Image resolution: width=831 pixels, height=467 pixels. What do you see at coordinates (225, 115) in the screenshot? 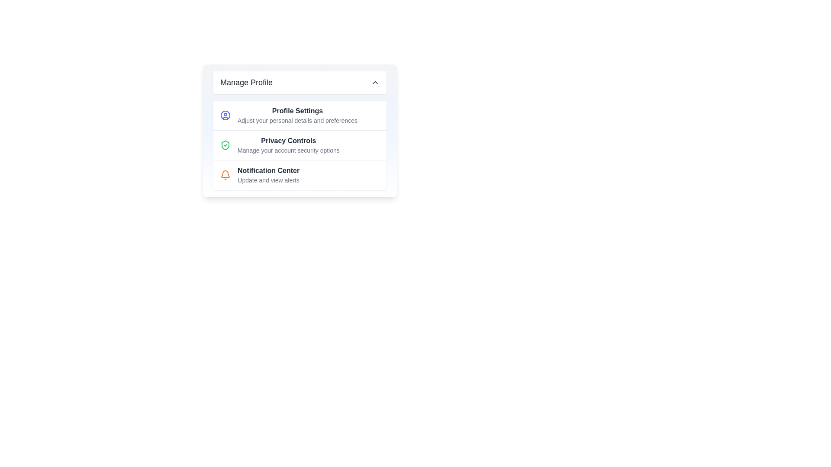
I see `the largest circular SVG element in the user profile icon, which is centered in the SVG bounds and has a diameter of 20 units` at bounding box center [225, 115].